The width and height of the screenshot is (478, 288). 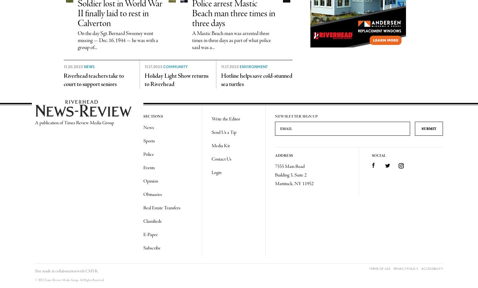 What do you see at coordinates (274, 184) in the screenshot?
I see `'Mattituck, NY 11952'` at bounding box center [274, 184].